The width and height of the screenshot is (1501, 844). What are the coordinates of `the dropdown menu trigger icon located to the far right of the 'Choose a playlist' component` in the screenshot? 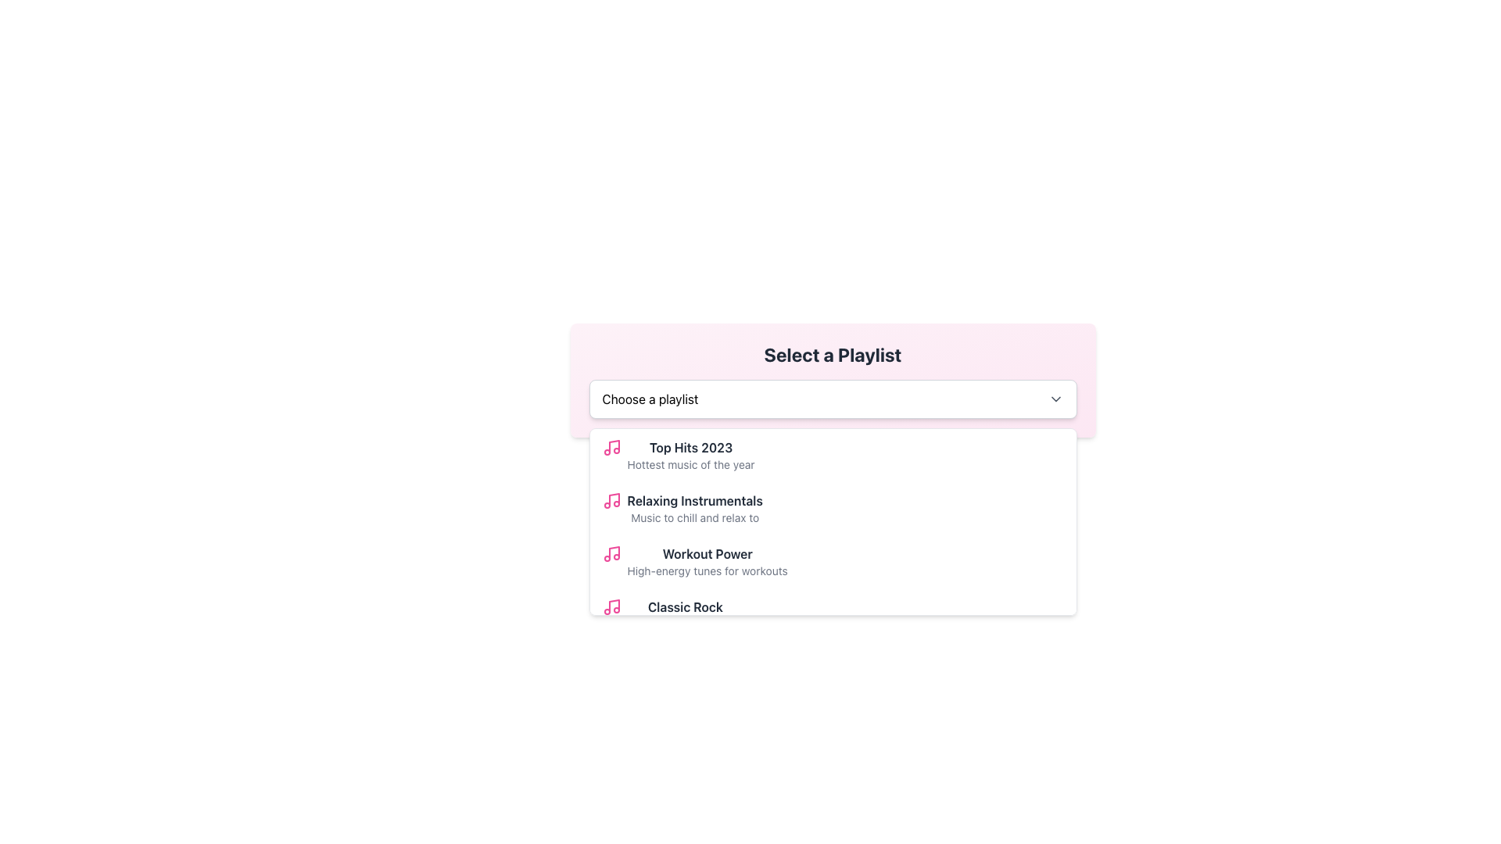 It's located at (1055, 398).